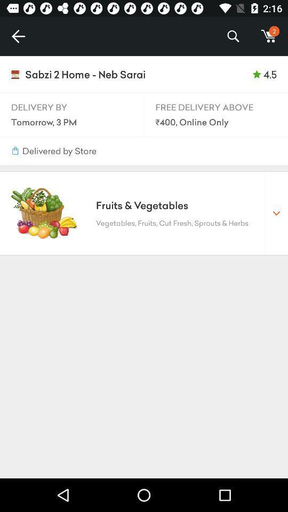 Image resolution: width=288 pixels, height=512 pixels. Describe the element at coordinates (268, 36) in the screenshot. I see `m icon` at that location.